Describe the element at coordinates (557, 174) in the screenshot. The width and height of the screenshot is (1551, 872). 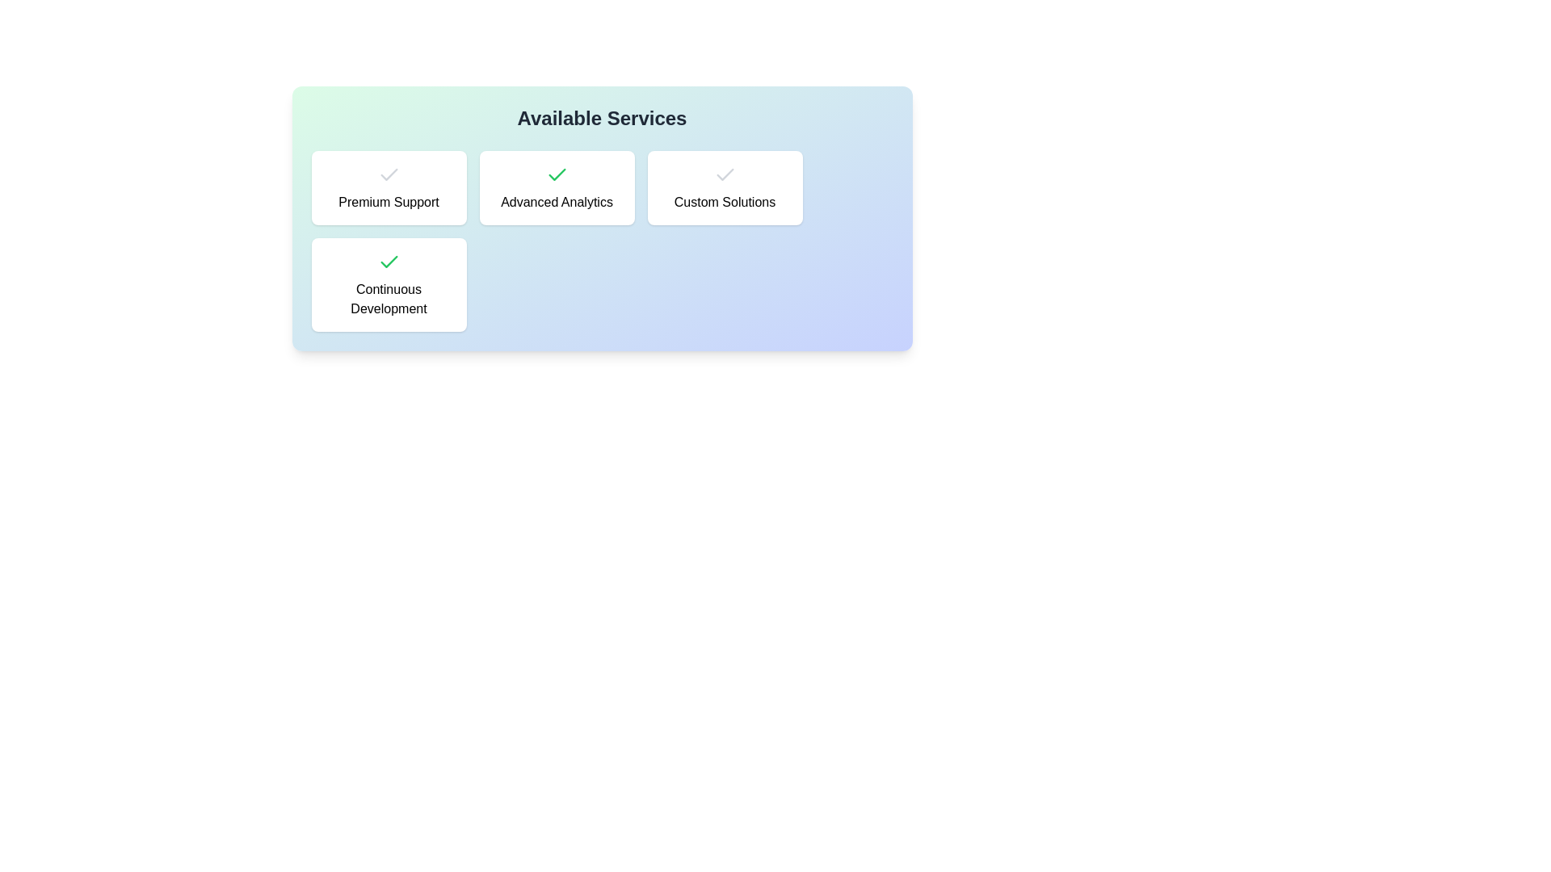
I see `the state of the checkmark icon indicating the selection or confirmation of the 'Advanced Analytics' option, located inside the second card of the top row in the grid layout` at that location.